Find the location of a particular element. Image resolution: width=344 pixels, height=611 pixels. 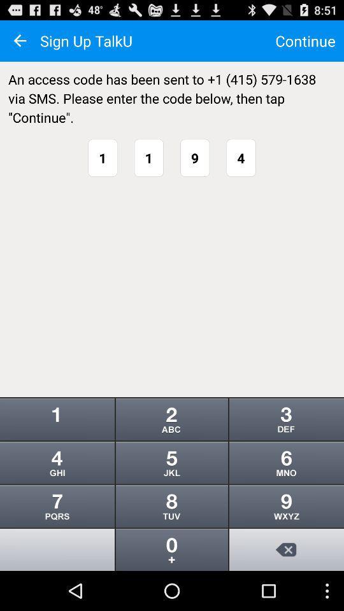

the more icon is located at coordinates (172, 495).